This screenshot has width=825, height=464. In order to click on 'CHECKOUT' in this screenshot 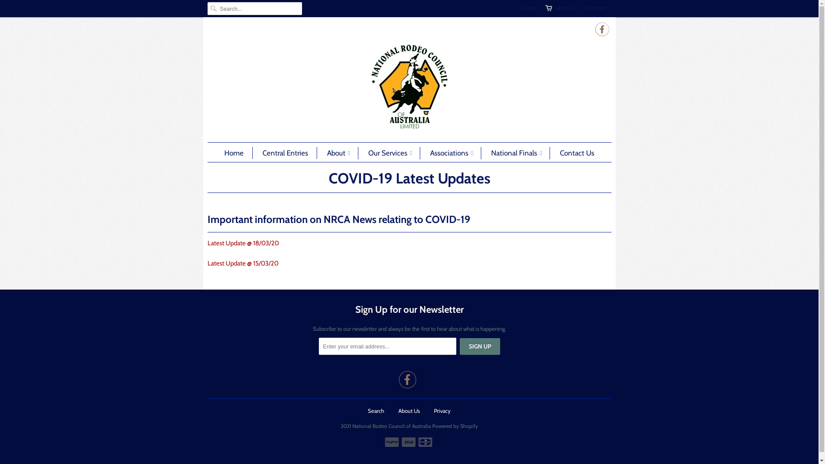, I will do `click(594, 8)`.